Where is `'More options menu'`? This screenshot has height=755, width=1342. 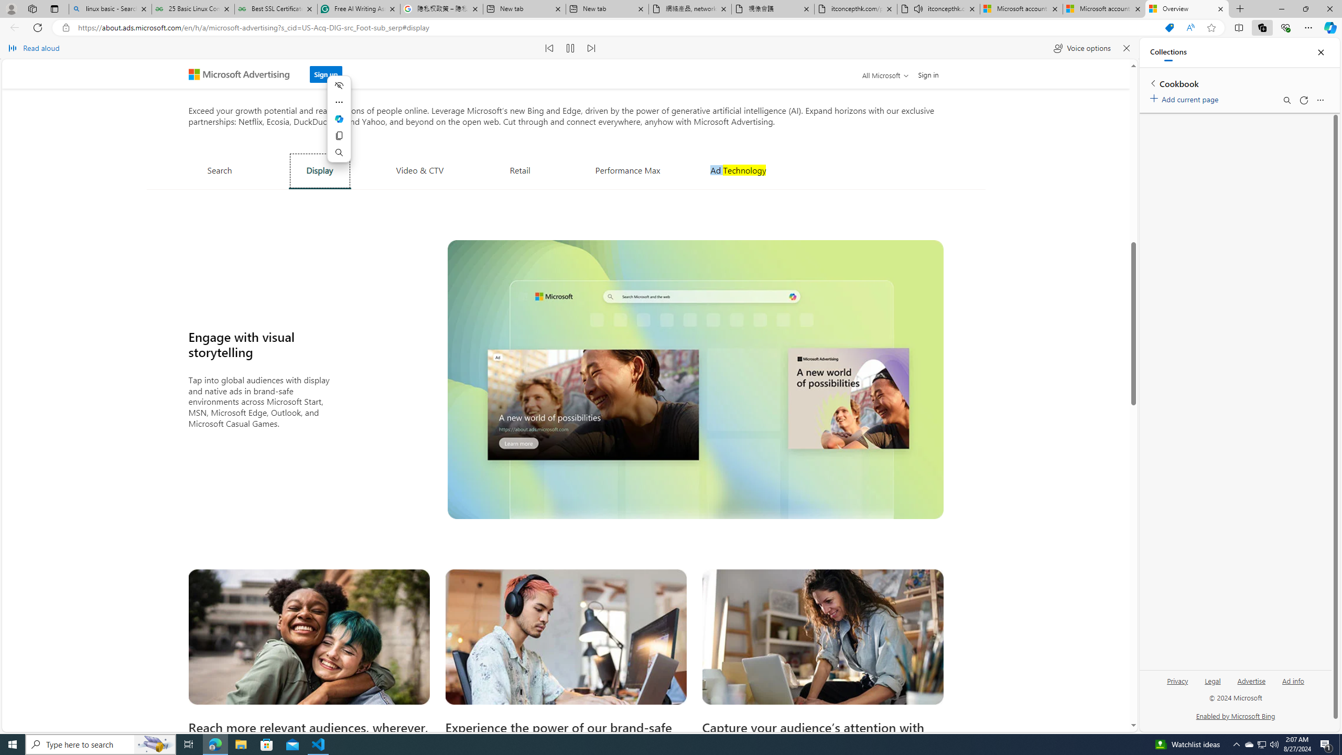 'More options menu' is located at coordinates (1321, 100).